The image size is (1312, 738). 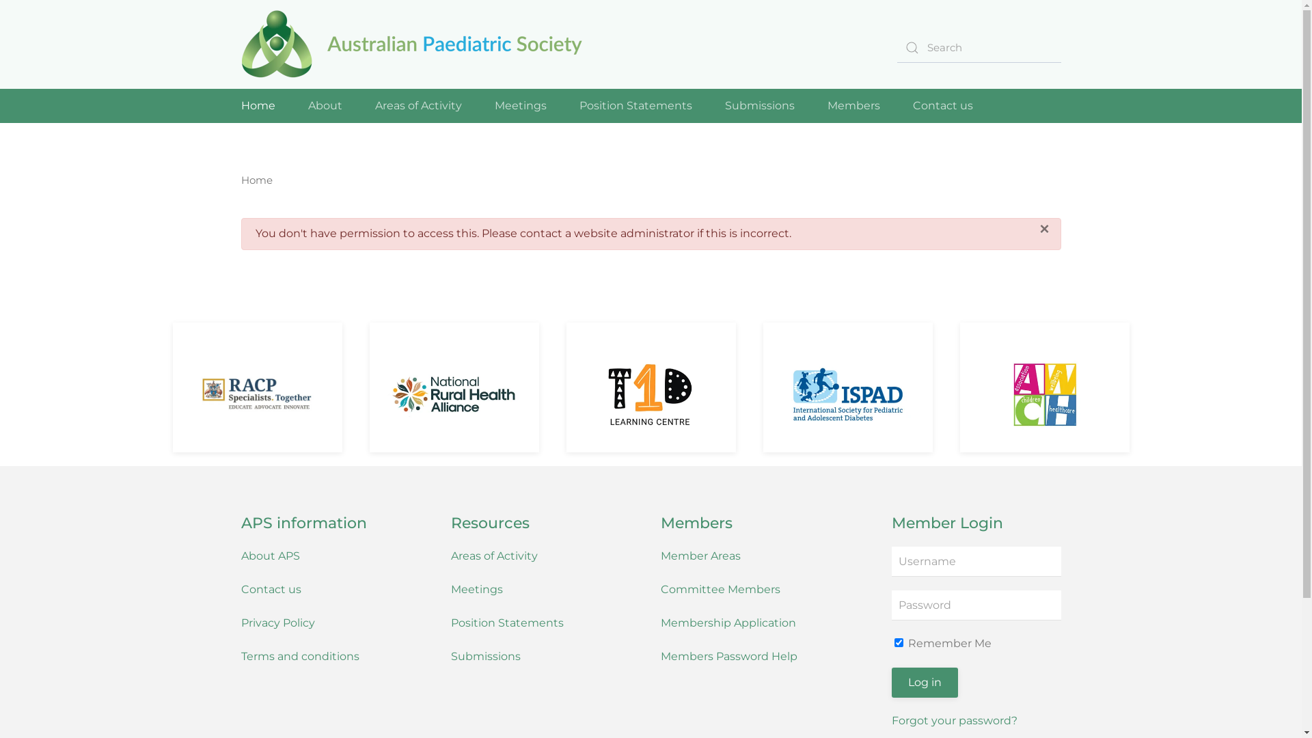 What do you see at coordinates (728, 655) in the screenshot?
I see `'Members Password Help'` at bounding box center [728, 655].